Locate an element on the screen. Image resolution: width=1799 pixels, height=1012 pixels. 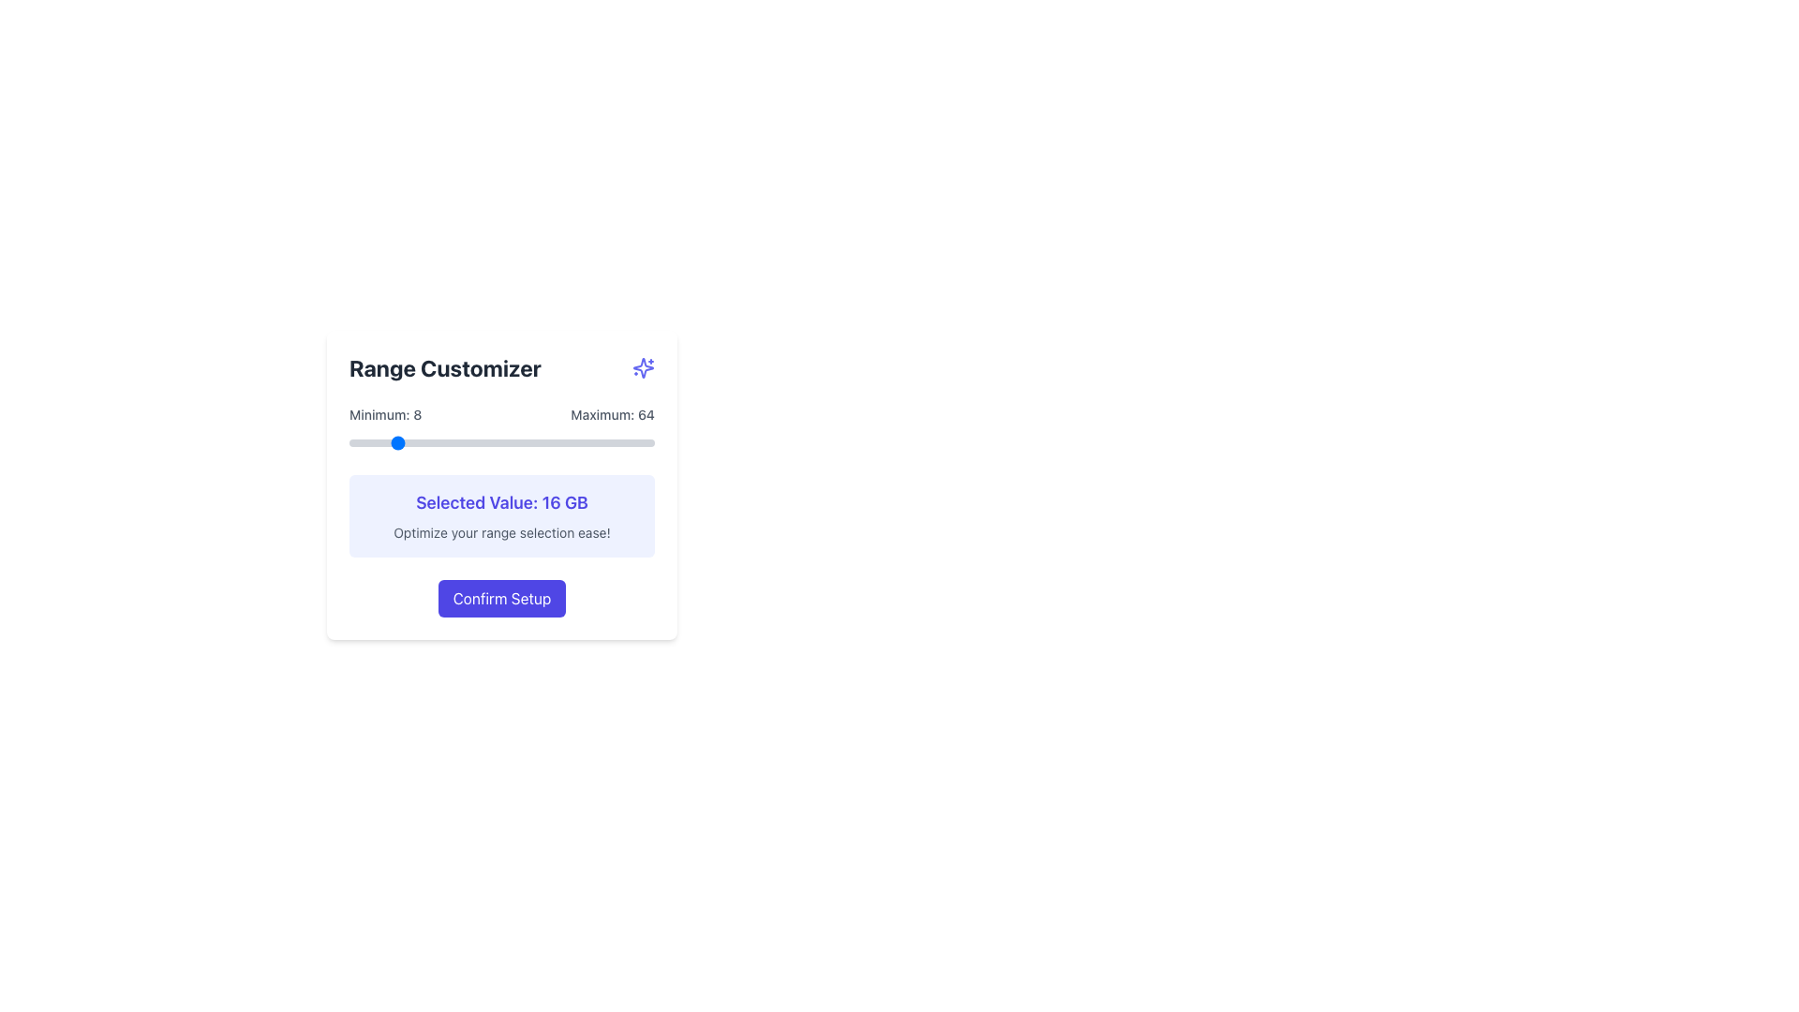
the text label displaying 'Selected Value: 16 GB' prominently in large, bold, indigo-colored font is located at coordinates (502, 501).